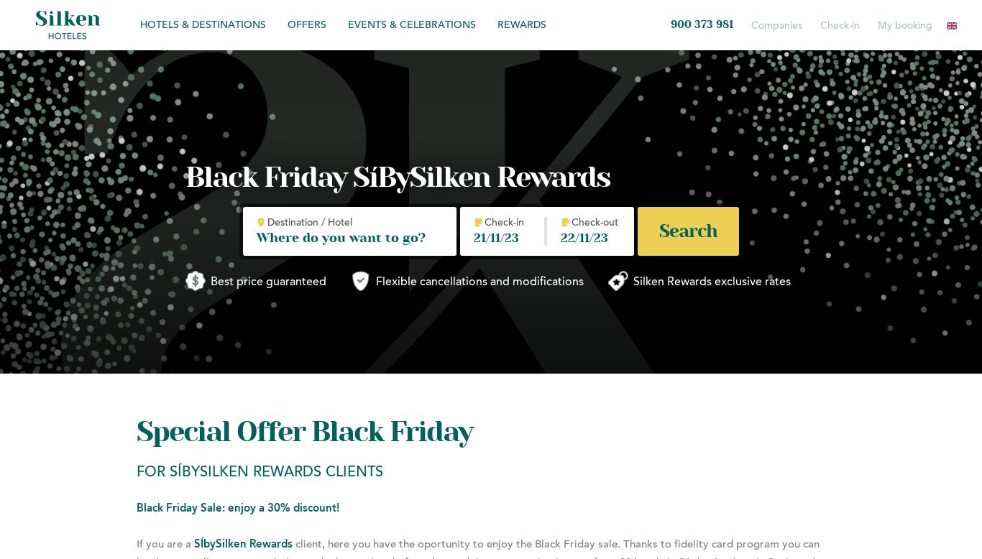 The height and width of the screenshot is (559, 982). What do you see at coordinates (266, 223) in the screenshot?
I see `'Destination / Hotel'` at bounding box center [266, 223].